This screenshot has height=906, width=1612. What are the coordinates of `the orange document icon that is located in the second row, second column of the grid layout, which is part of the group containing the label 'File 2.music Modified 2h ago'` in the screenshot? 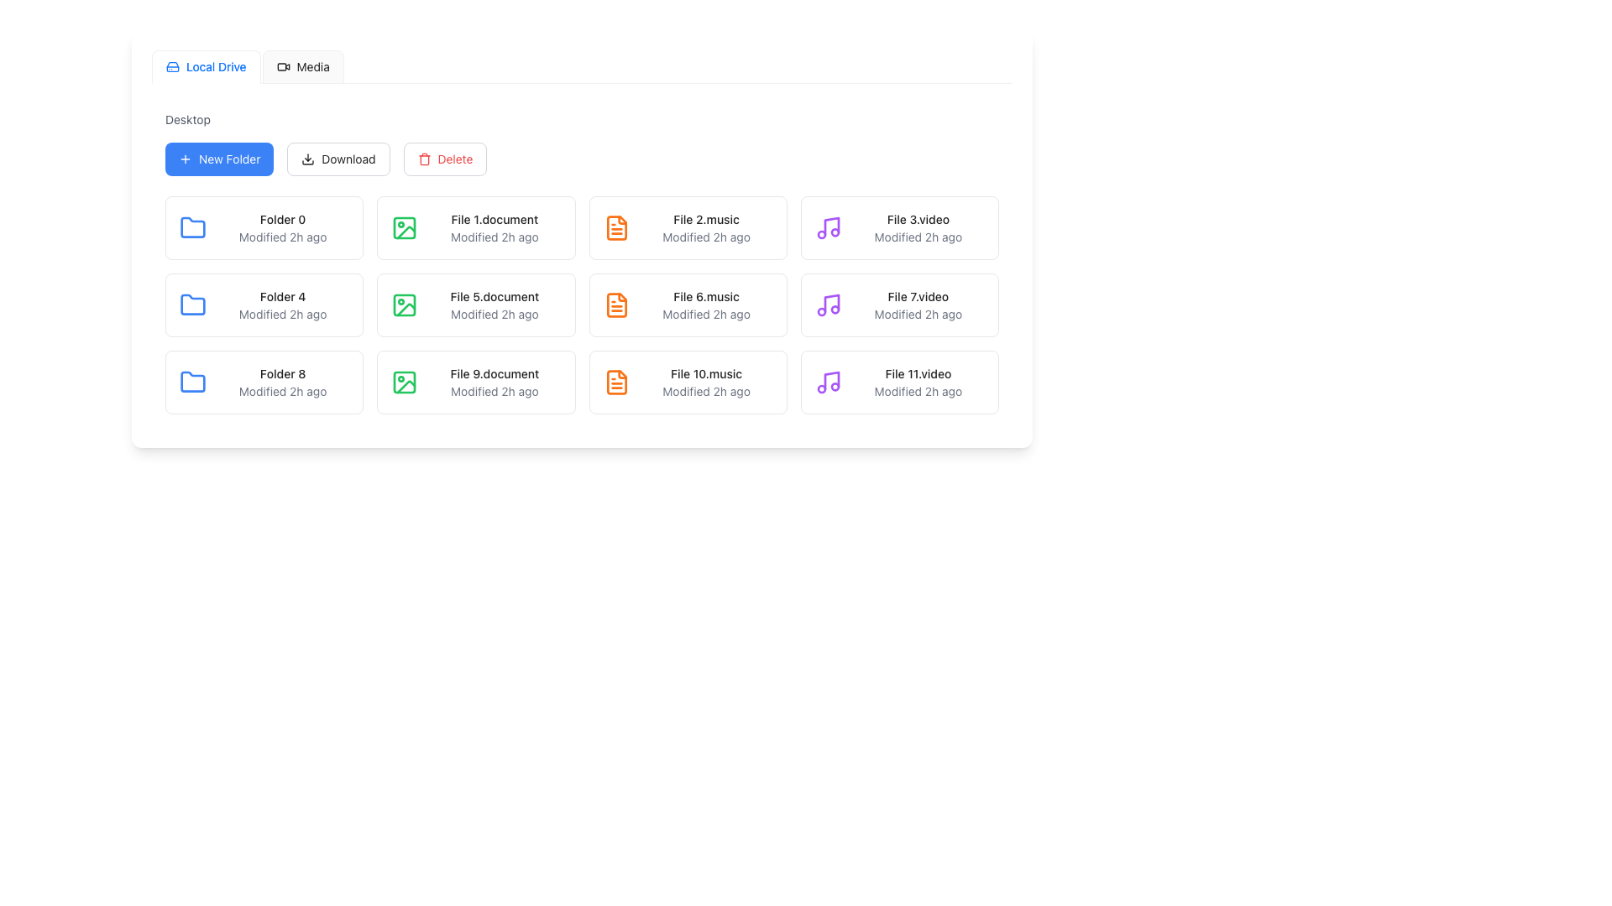 It's located at (615, 228).